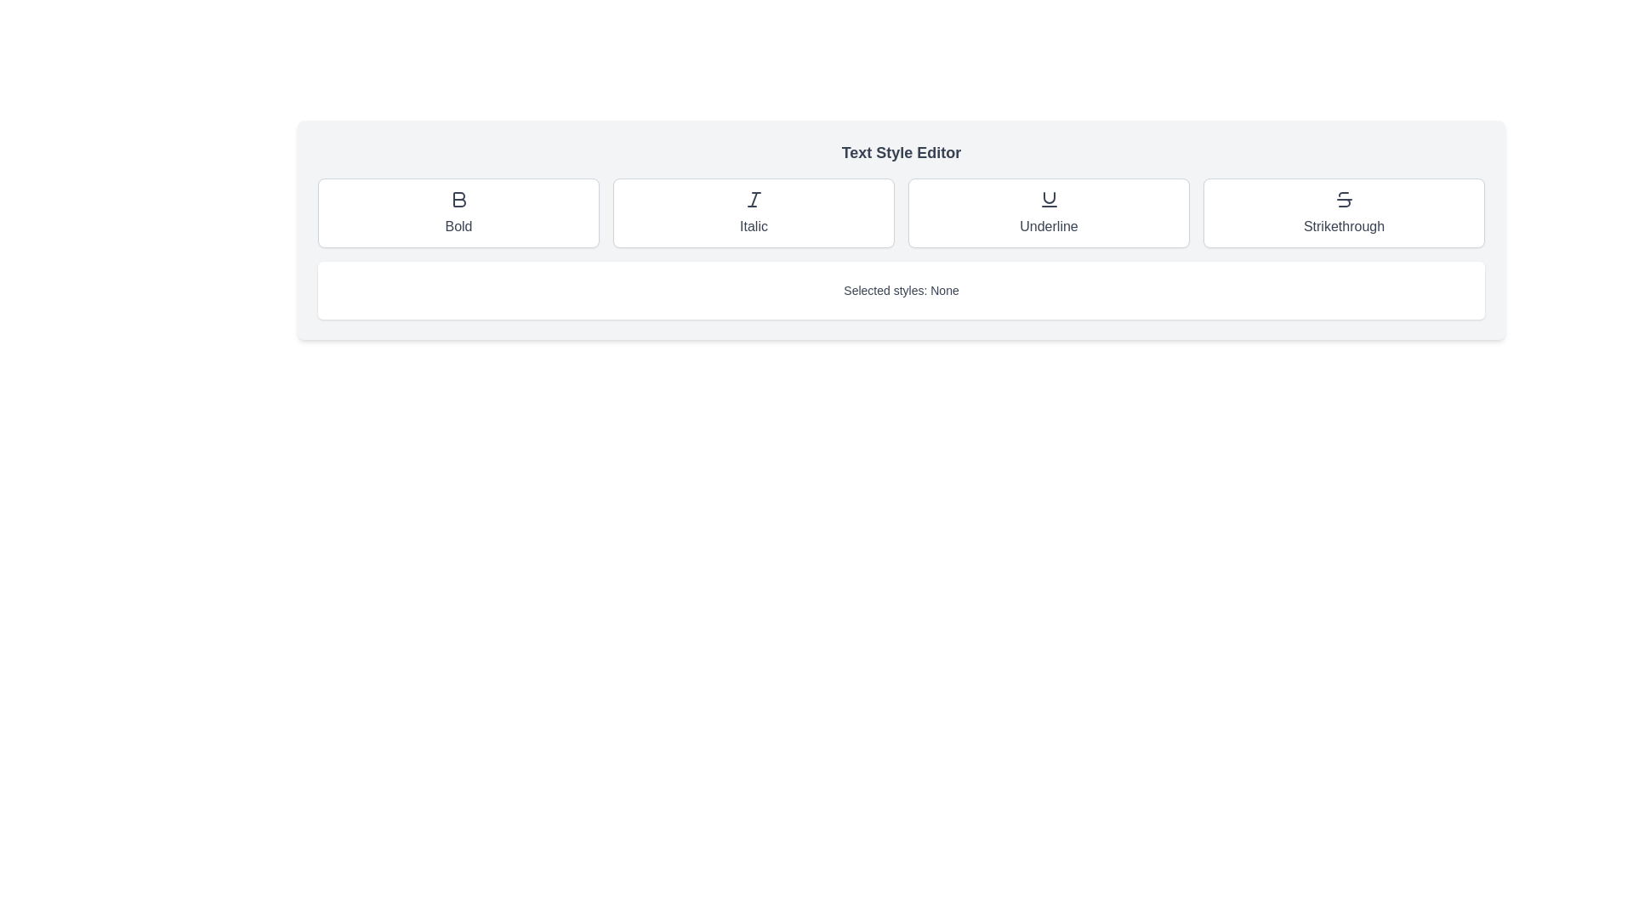 Image resolution: width=1633 pixels, height=918 pixels. I want to click on the 'Bold' button, which is the first button in a row of four style-option buttons, so click(458, 212).